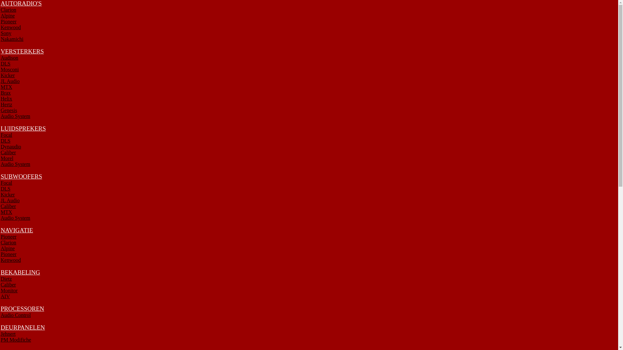 The width and height of the screenshot is (623, 350). I want to click on 'Alpine', so click(8, 15).